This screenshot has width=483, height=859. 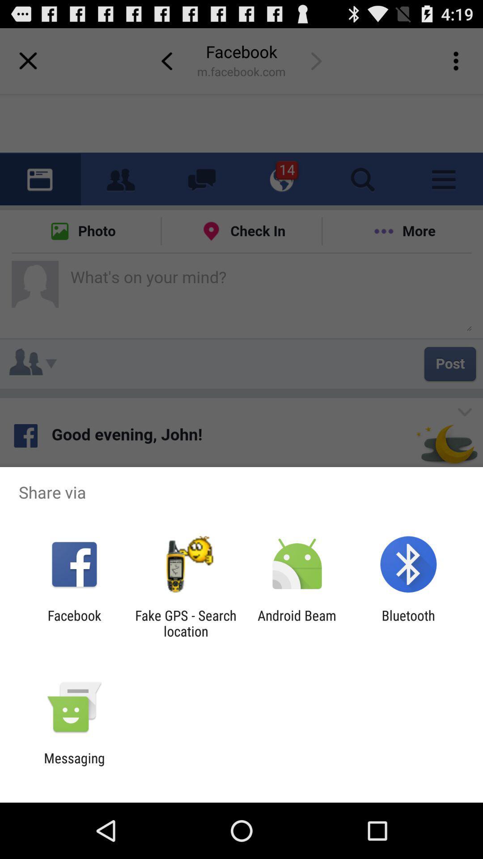 What do you see at coordinates (297, 623) in the screenshot?
I see `item to the right of fake gps search app` at bounding box center [297, 623].